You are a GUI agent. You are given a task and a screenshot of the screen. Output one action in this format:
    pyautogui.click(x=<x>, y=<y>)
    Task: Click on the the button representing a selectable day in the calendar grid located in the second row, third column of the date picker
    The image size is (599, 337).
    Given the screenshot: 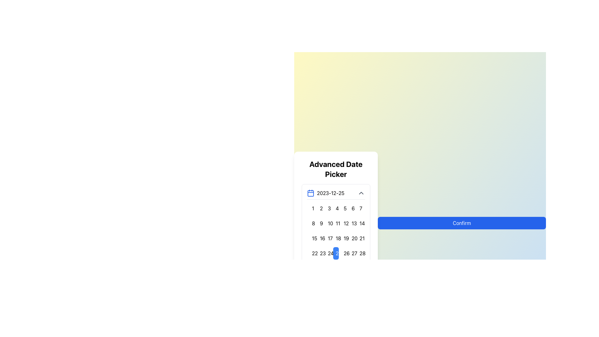 What is the action you would take?
    pyautogui.click(x=328, y=223)
    